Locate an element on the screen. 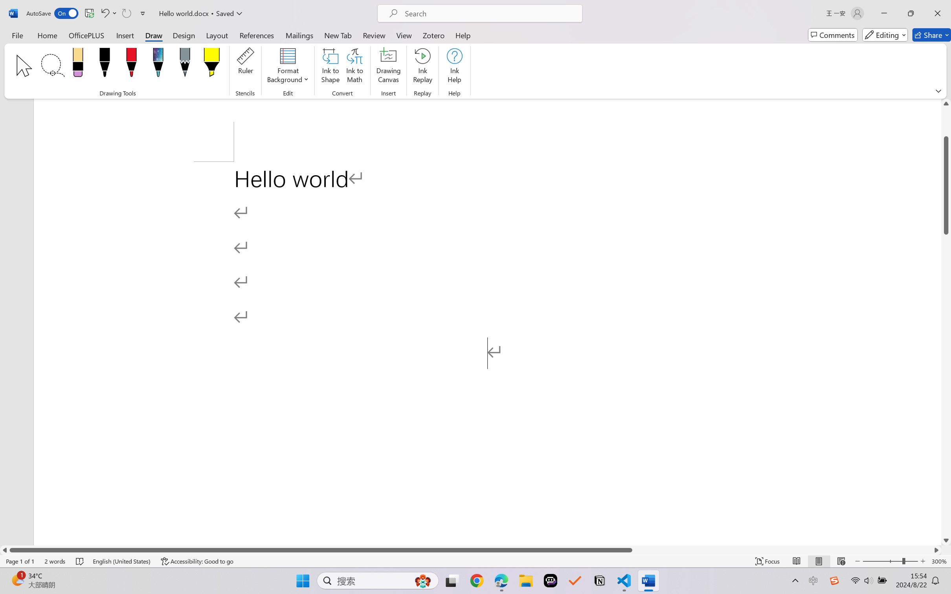 The image size is (951, 594). 'Ribbon Display Options' is located at coordinates (938, 91).